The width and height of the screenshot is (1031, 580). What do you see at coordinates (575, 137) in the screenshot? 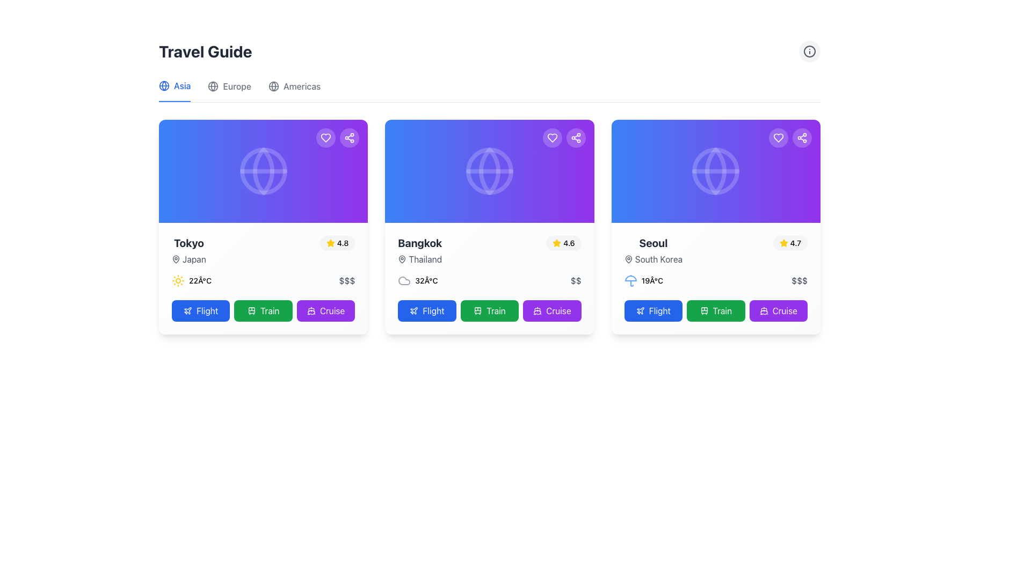
I see `the sharing icon, which is a white icon with three circles connected by lines, located at the top right corner of the 'Bangkok' card` at bounding box center [575, 137].